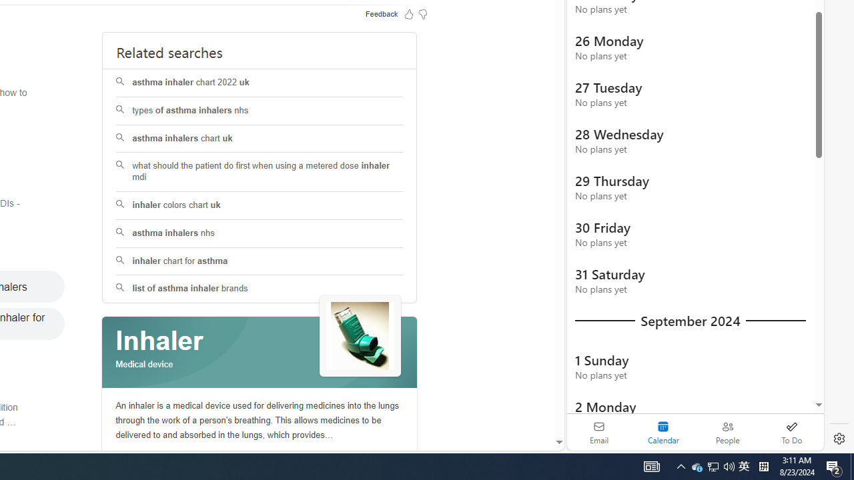 The height and width of the screenshot is (480, 854). Describe the element at coordinates (260, 352) in the screenshot. I see `'Class: spl_logobg'` at that location.